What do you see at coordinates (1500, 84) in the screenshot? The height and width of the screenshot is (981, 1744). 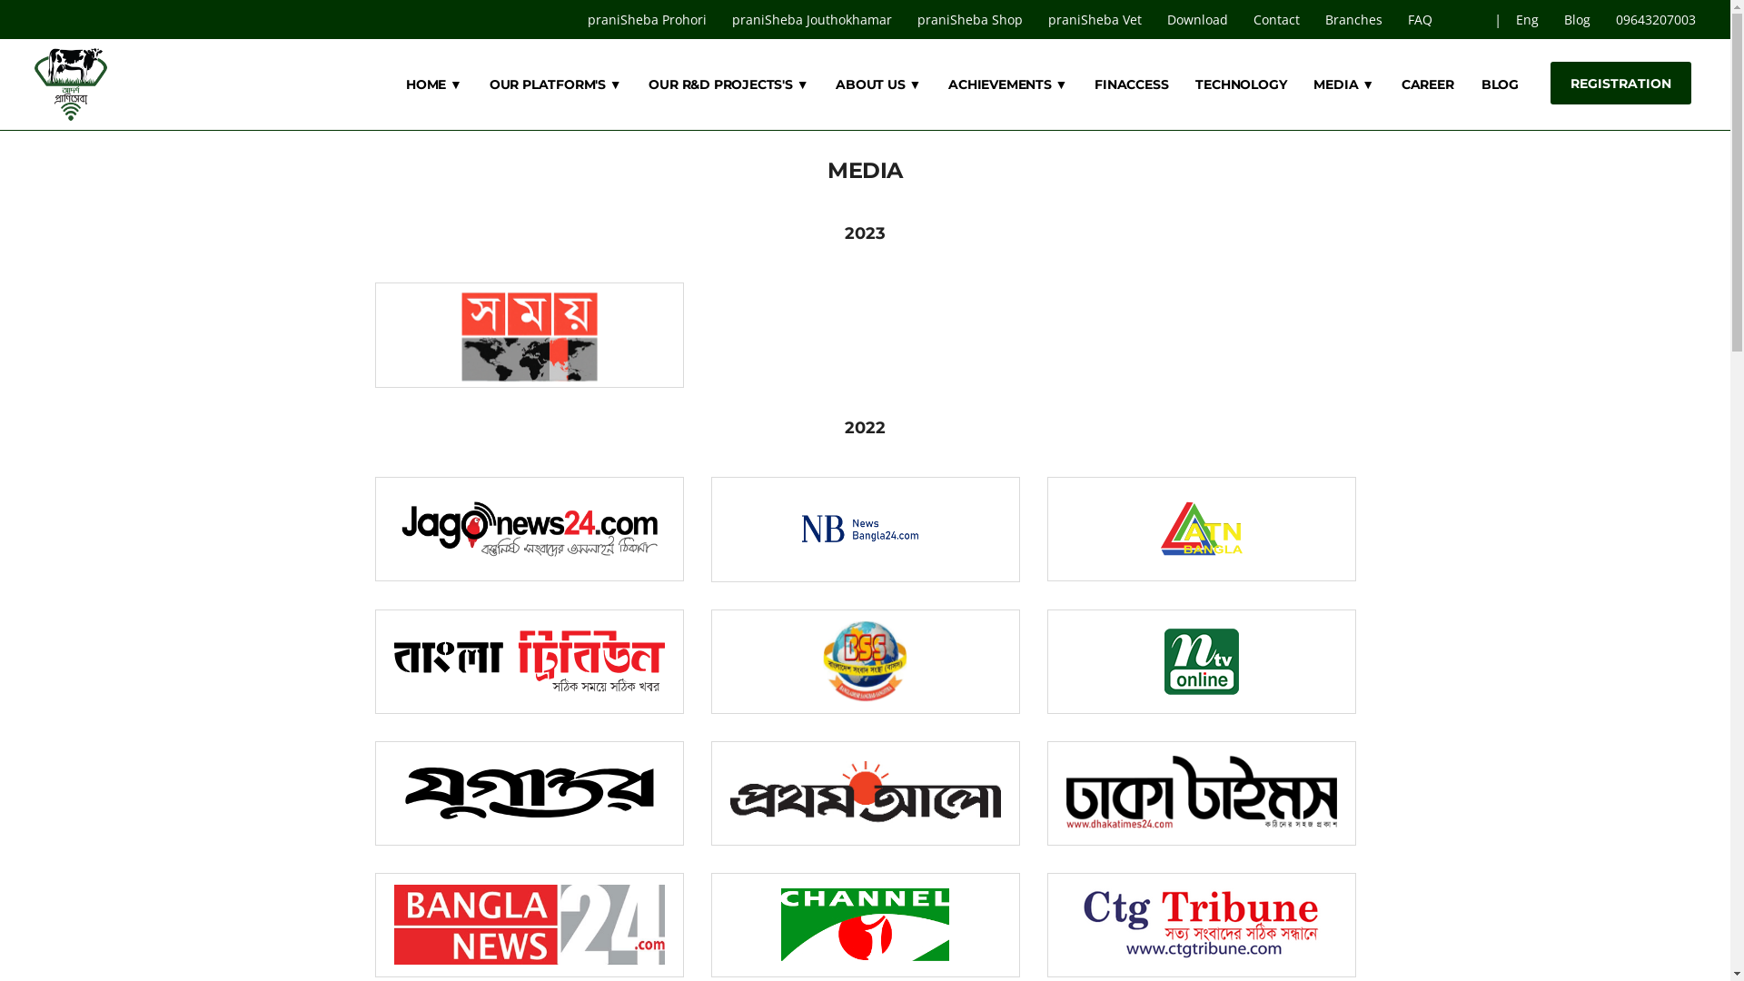 I see `'BLOG'` at bounding box center [1500, 84].